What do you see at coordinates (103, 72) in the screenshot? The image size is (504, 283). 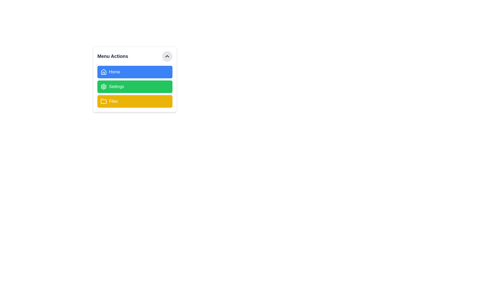 I see `the house icon located beside the 'Home' button in the 'Menu Actions' list, which has a blue background and white lines forming the house structure` at bounding box center [103, 72].